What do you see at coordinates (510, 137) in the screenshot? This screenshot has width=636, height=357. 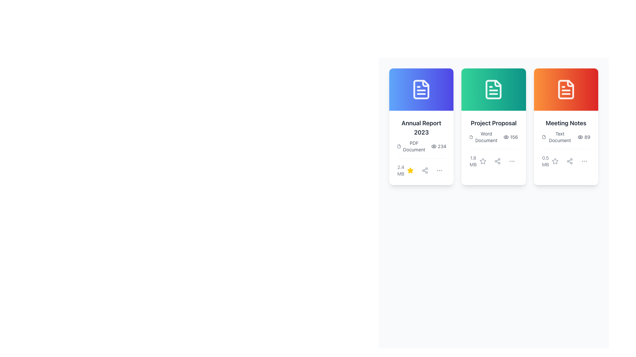 I see `the numeric label displaying '156' which is located to the right of the eye icon within the 'Project Proposal' card` at bounding box center [510, 137].